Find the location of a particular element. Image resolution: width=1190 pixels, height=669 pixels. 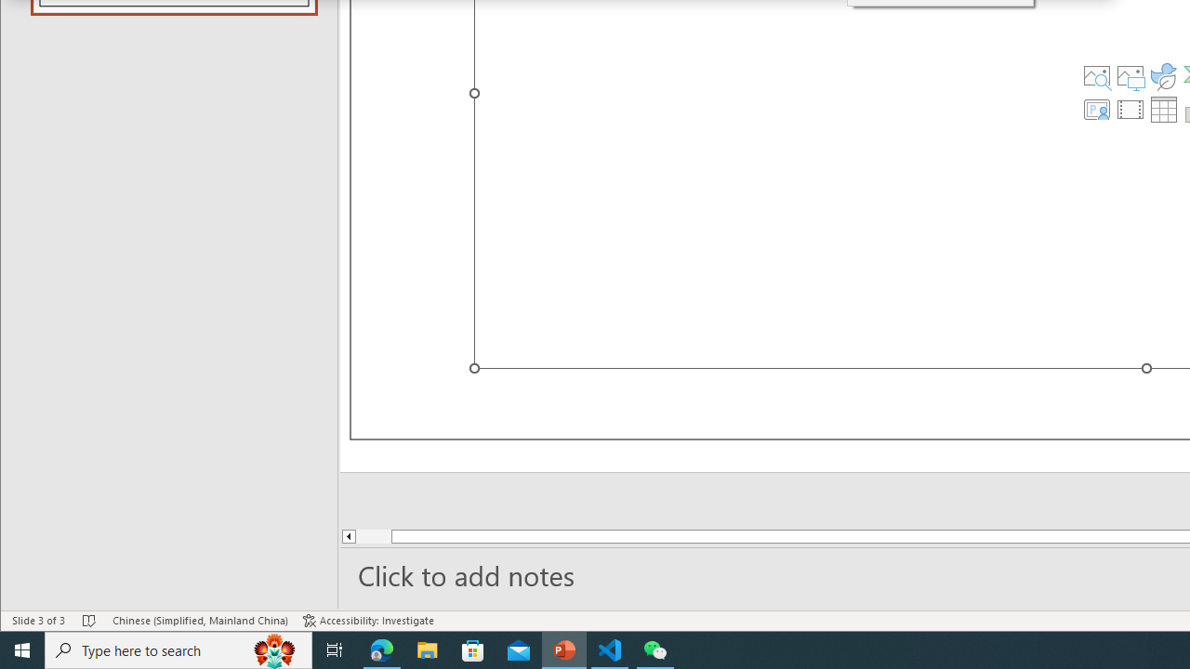

'Insert an Icon' is located at coordinates (1163, 75).